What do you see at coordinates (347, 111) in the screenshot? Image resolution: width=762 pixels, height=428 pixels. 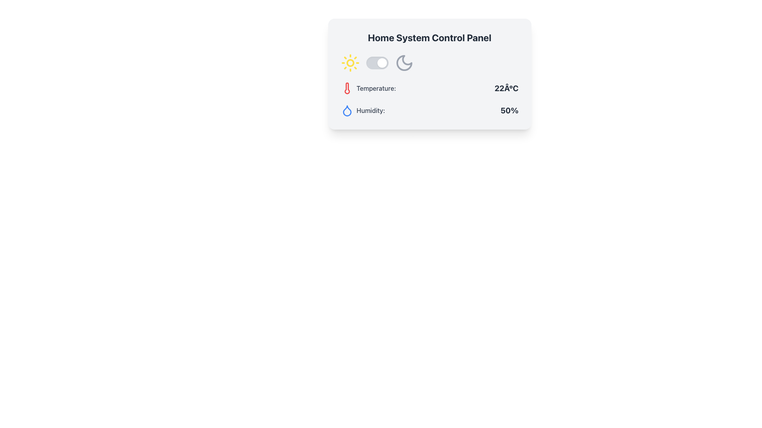 I see `the humidity level indicator icon located to the left of the 'Humidity:' label in the 'Home System Control Panel.'` at bounding box center [347, 111].